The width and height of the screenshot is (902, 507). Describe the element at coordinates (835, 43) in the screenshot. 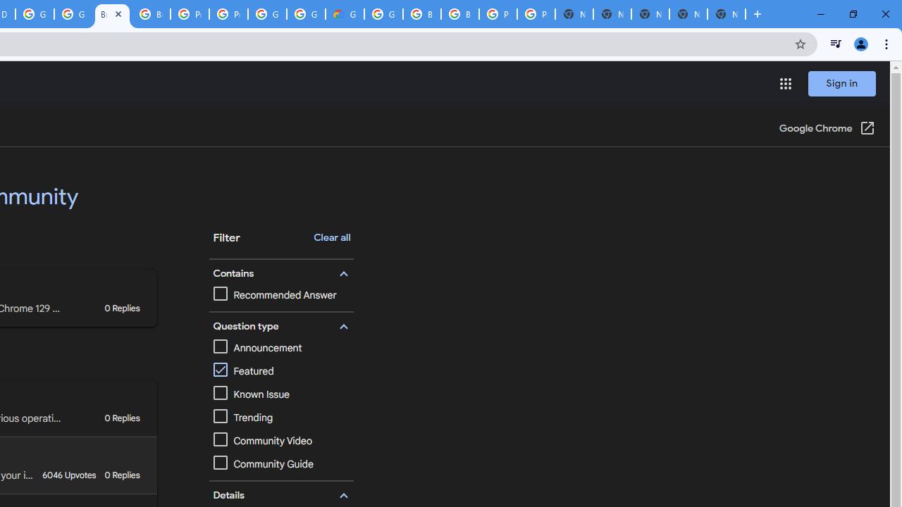

I see `'Control your music, videos, and more'` at that location.